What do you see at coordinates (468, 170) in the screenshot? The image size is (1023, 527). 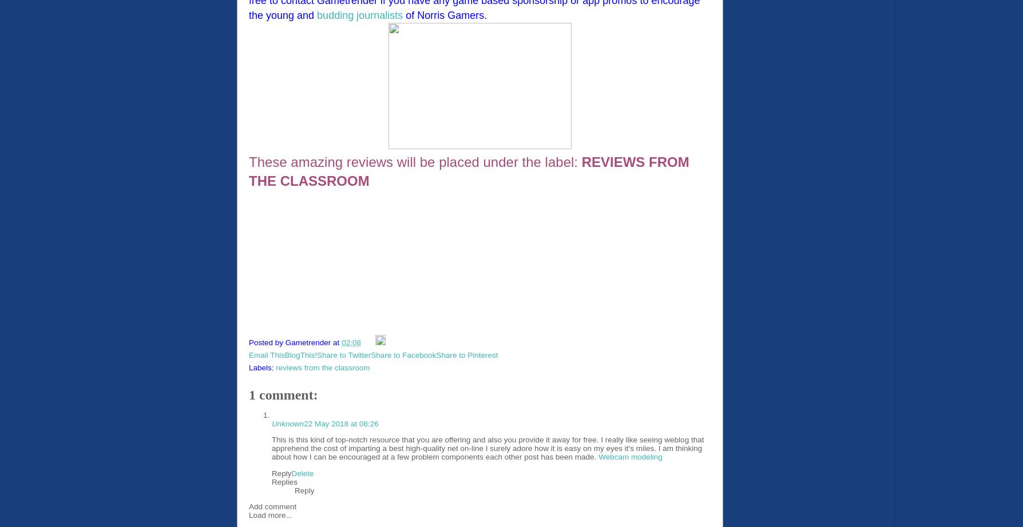 I see `'REVIEWS FROM THE CLASSROOM'` at bounding box center [468, 170].